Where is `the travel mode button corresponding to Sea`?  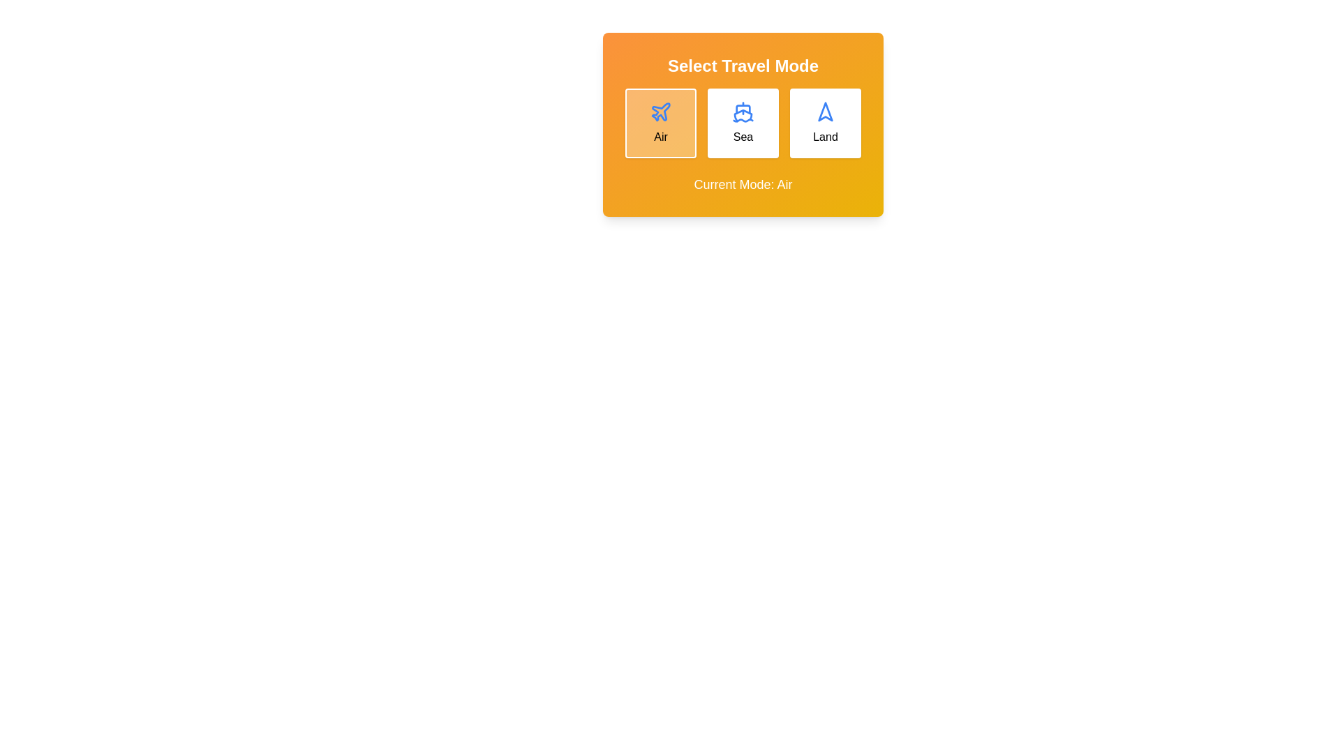 the travel mode button corresponding to Sea is located at coordinates (743, 123).